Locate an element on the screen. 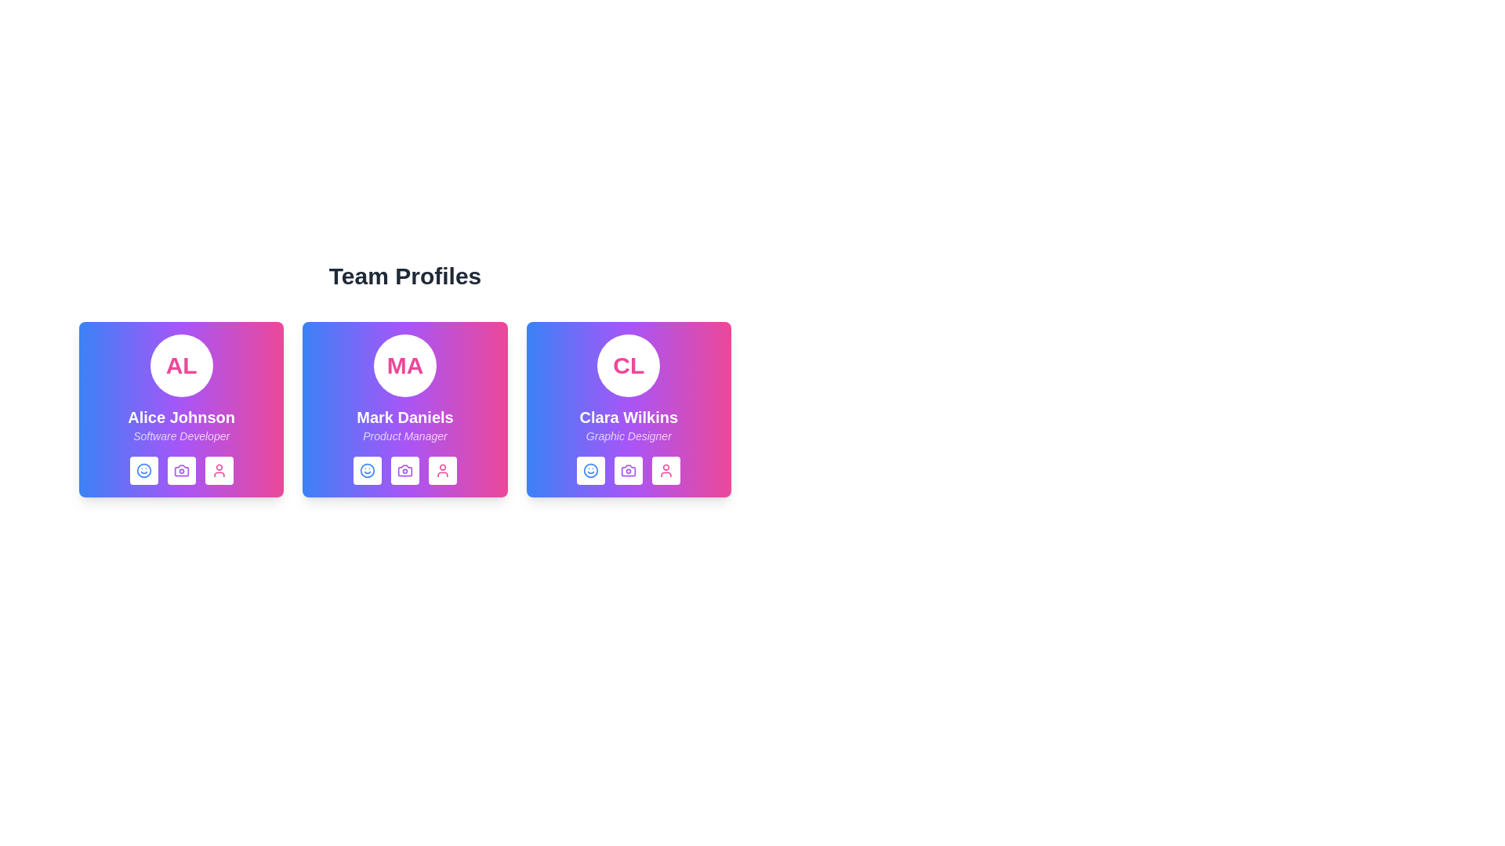 Image resolution: width=1505 pixels, height=846 pixels. the Profile placeholder featuring a circular representation with 'AL' in bold pink text, located at the top of the first gradient card in the 'Team Profiles' section is located at coordinates (181, 365).